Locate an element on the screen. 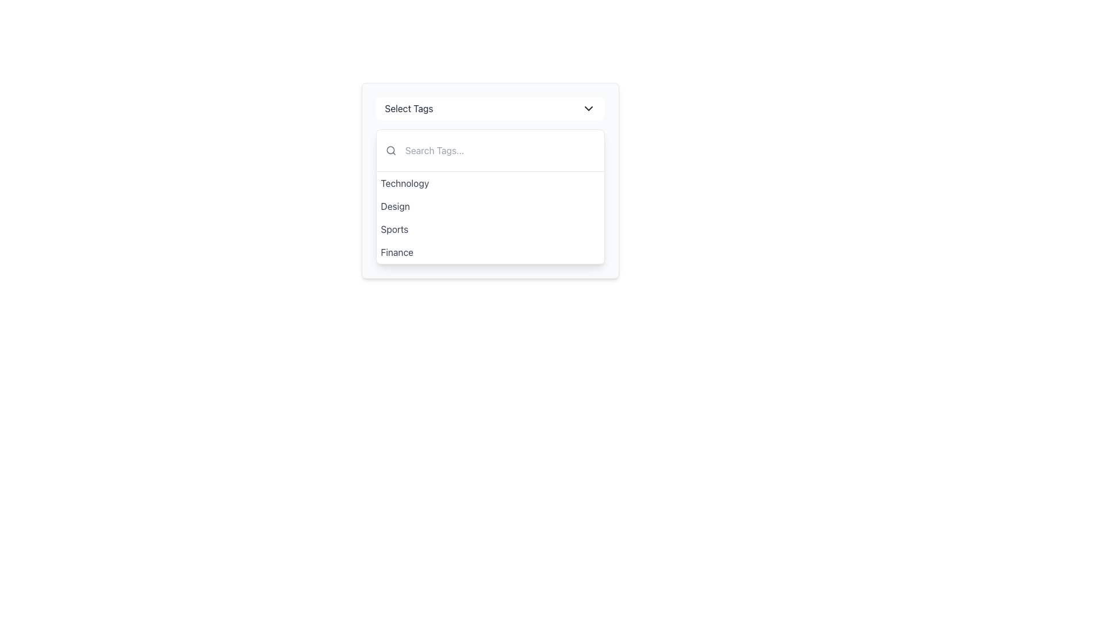 The height and width of the screenshot is (621, 1104). the Chevron Down icon located at the far right within the 'Select Tags' dropdown is located at coordinates (588, 109).